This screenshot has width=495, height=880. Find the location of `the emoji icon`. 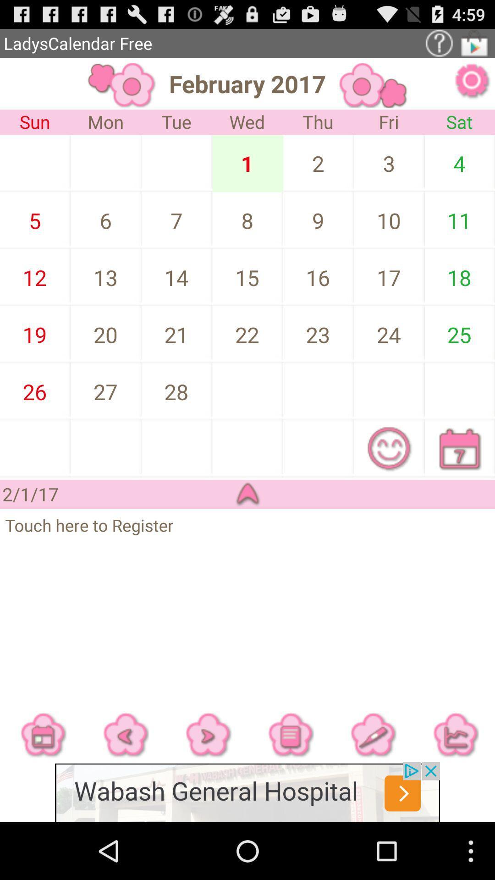

the emoji icon is located at coordinates (389, 480).